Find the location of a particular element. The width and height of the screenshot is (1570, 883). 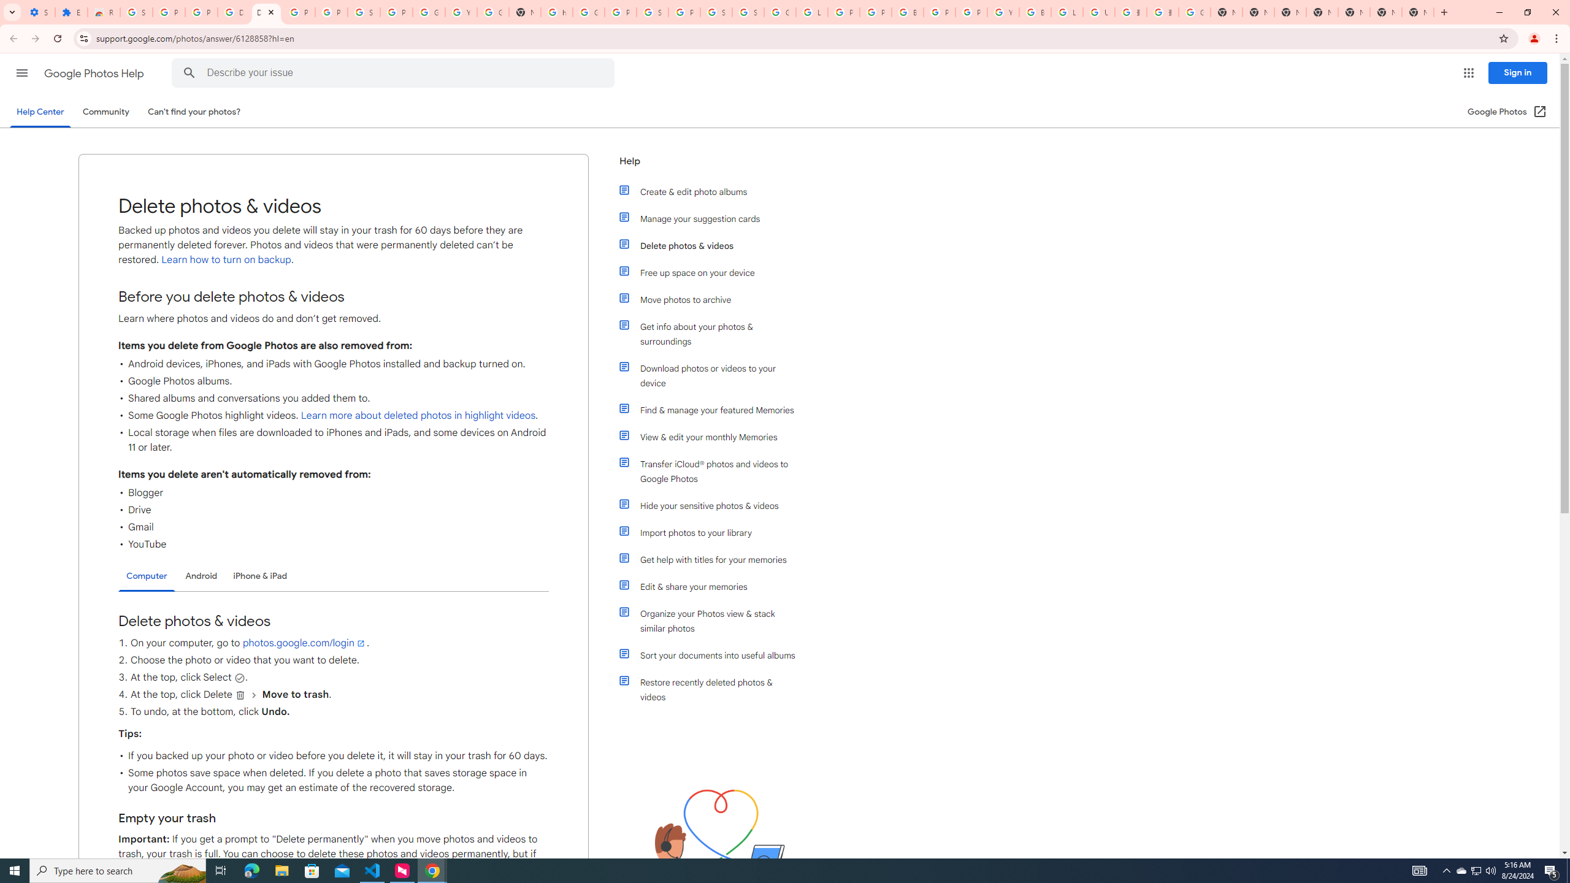

'Community' is located at coordinates (105, 111).